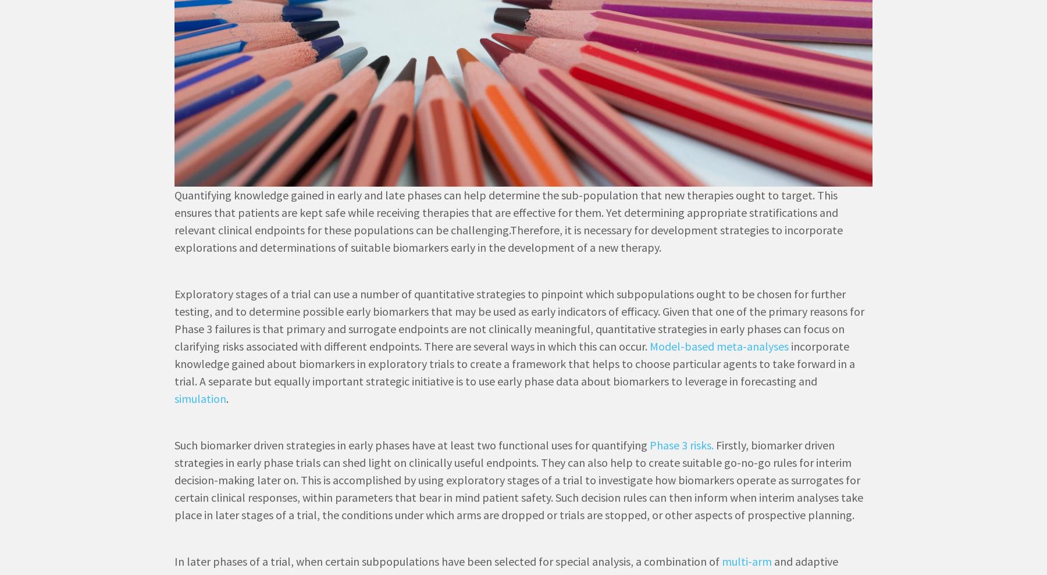 Image resolution: width=1047 pixels, height=575 pixels. Describe the element at coordinates (411, 445) in the screenshot. I see `'Such biomarker driven strategies in early phases have at least two functional uses for quantifying'` at that location.